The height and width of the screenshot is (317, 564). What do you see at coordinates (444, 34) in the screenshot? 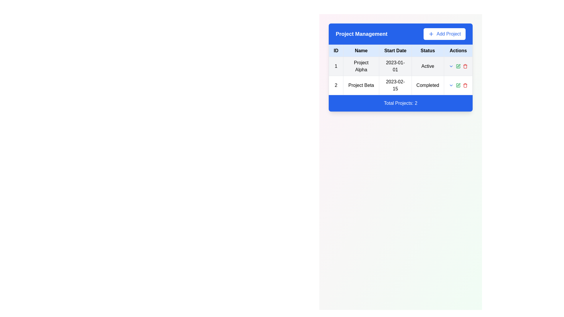
I see `the 'Add Project' button, which is a rounded rectangular button with a white background and blue text located in the top-right corner of the interface` at bounding box center [444, 34].